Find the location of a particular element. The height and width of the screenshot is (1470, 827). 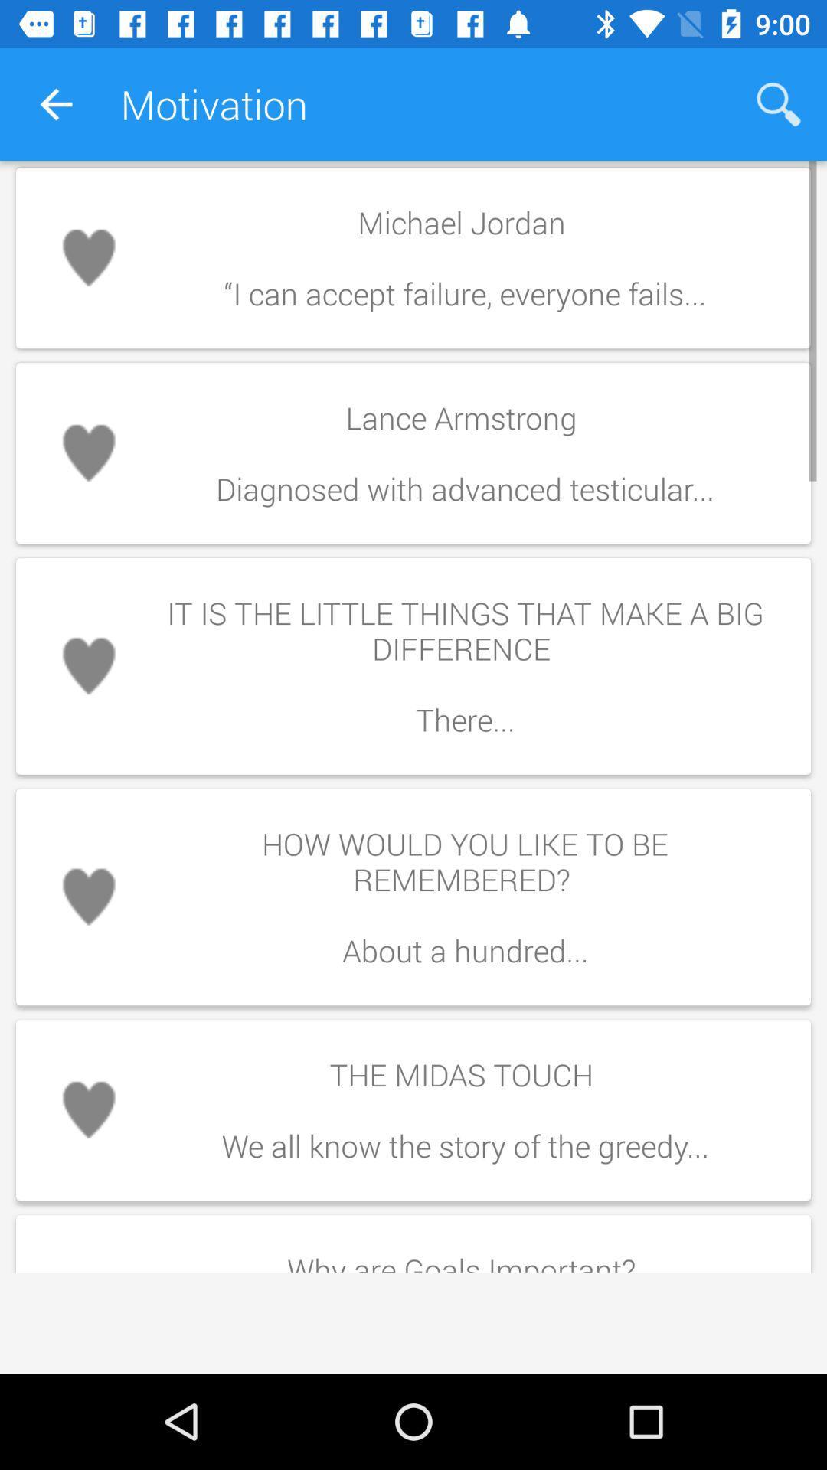

first heart symbol from top is located at coordinates (88, 257).